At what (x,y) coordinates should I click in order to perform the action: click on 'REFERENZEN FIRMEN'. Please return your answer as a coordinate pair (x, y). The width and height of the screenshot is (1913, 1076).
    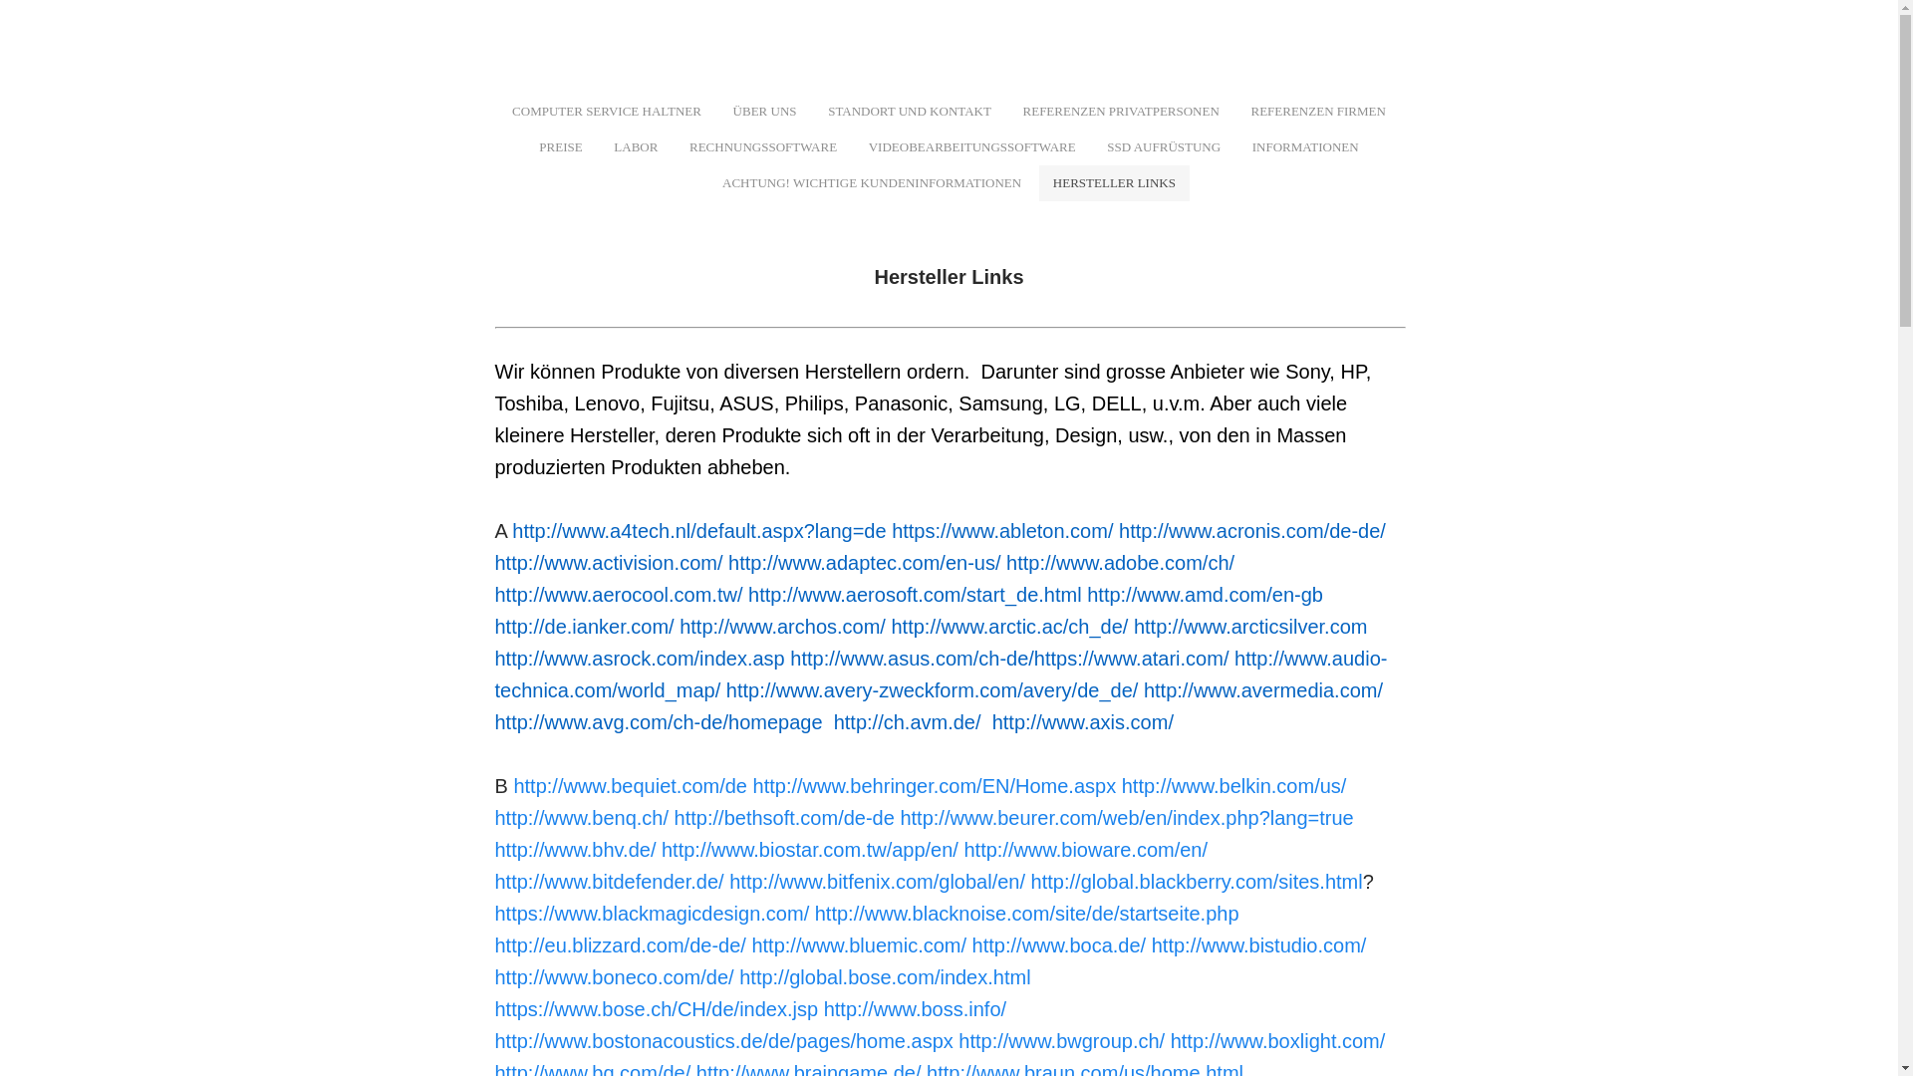
    Looking at the image, I should click on (1317, 111).